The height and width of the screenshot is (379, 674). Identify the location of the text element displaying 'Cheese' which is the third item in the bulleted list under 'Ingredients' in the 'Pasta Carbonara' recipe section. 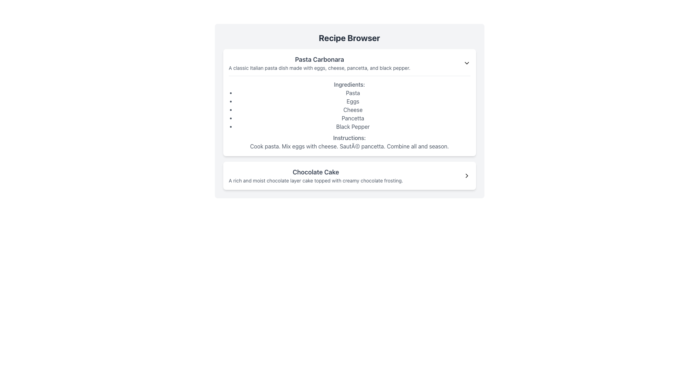
(353, 109).